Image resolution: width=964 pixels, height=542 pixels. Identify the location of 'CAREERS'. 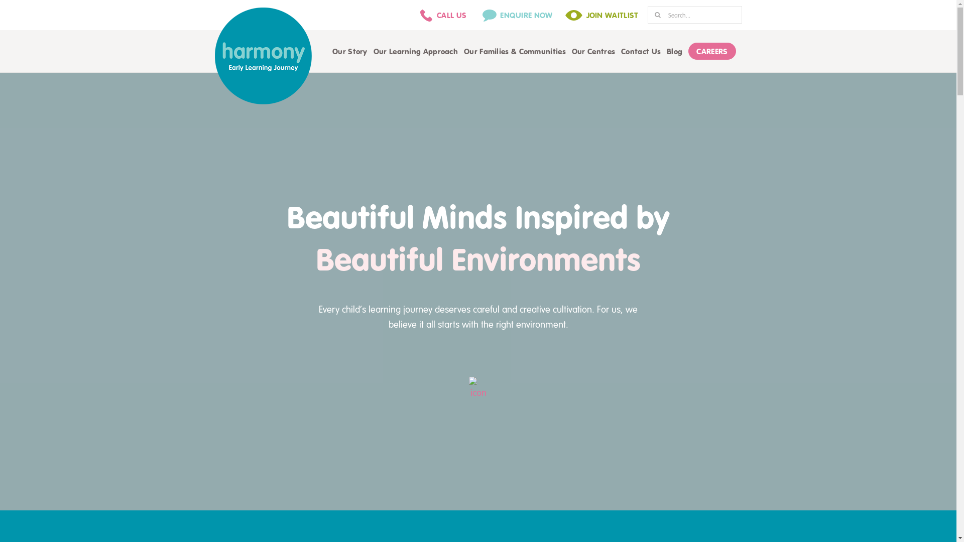
(688, 51).